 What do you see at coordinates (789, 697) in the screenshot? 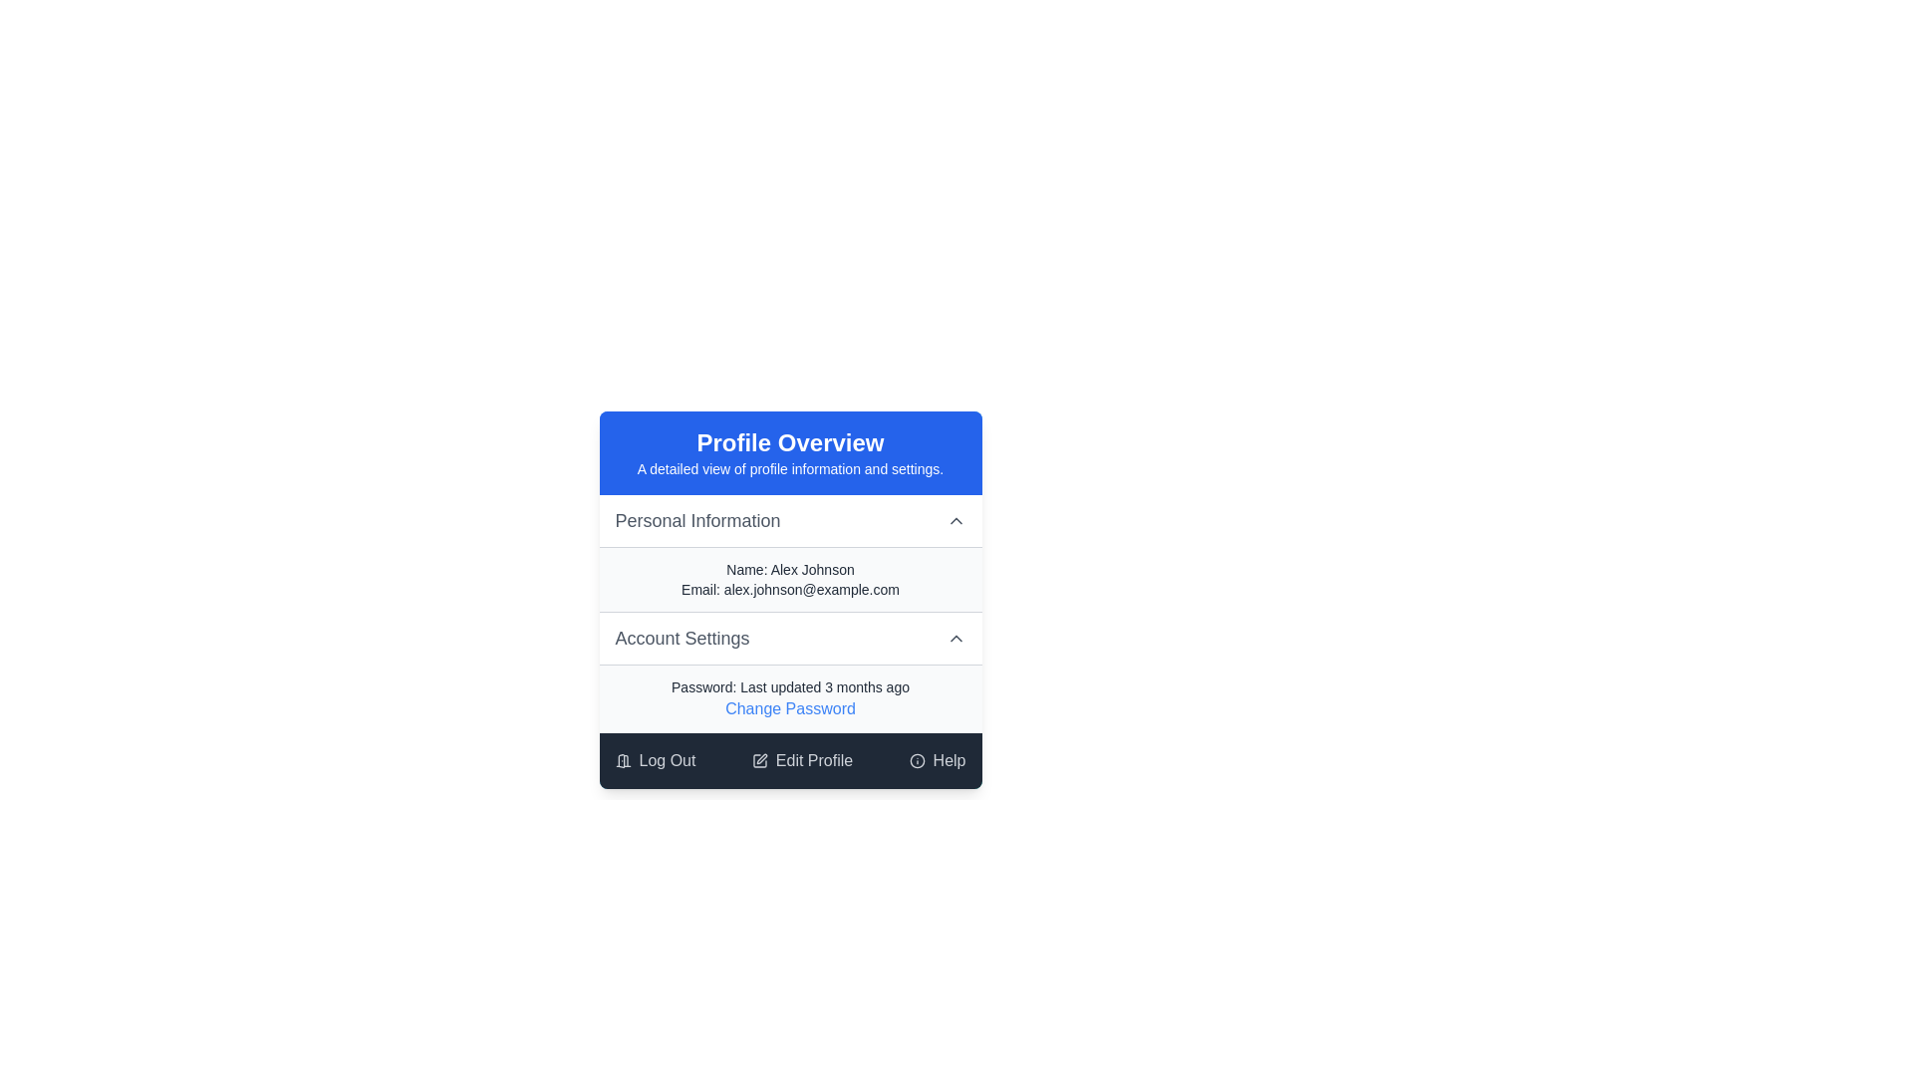
I see `the hyperlink that informs the user about the status of their password in the 'Account Settings' section of the profile overview card` at bounding box center [789, 697].